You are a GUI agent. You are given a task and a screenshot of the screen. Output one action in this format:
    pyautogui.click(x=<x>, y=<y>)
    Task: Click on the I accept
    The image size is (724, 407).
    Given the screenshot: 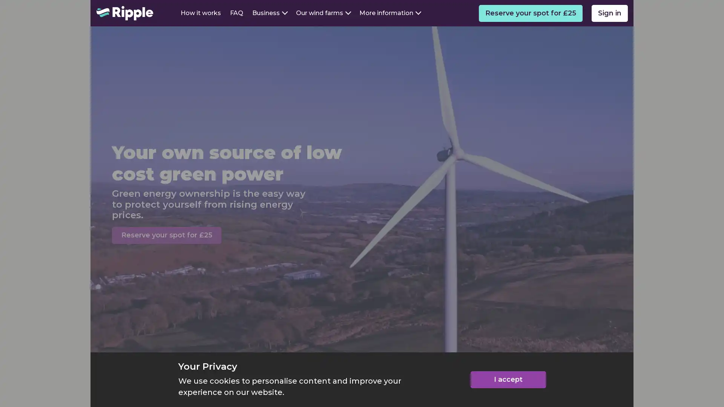 What is the action you would take?
    pyautogui.click(x=508, y=379)
    